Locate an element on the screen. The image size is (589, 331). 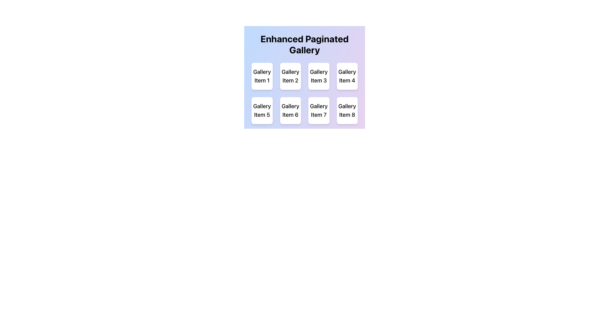
the Button-like interactive card located in the second row and first column of the gallery grid, directly beneath 'Gallery Item 1' is located at coordinates (262, 111).